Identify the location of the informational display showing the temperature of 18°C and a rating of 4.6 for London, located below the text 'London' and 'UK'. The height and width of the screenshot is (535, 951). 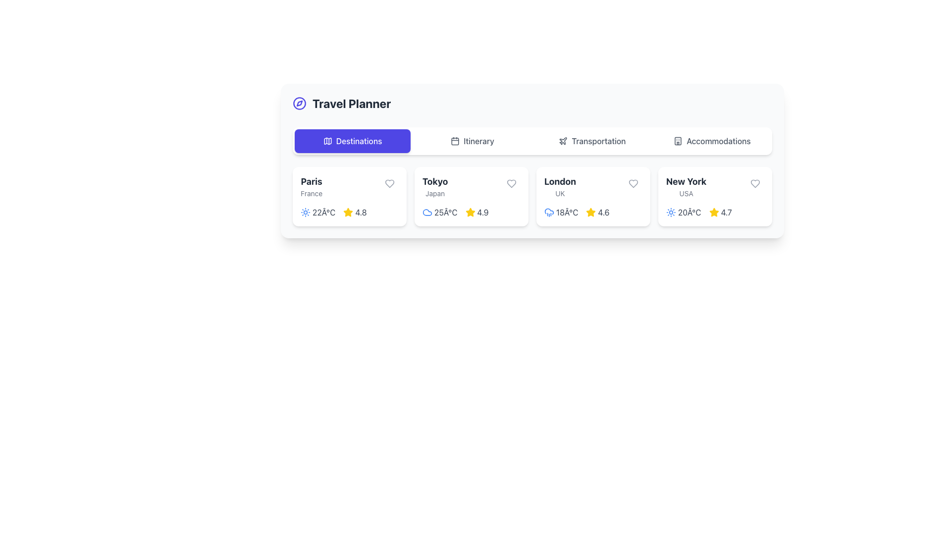
(593, 212).